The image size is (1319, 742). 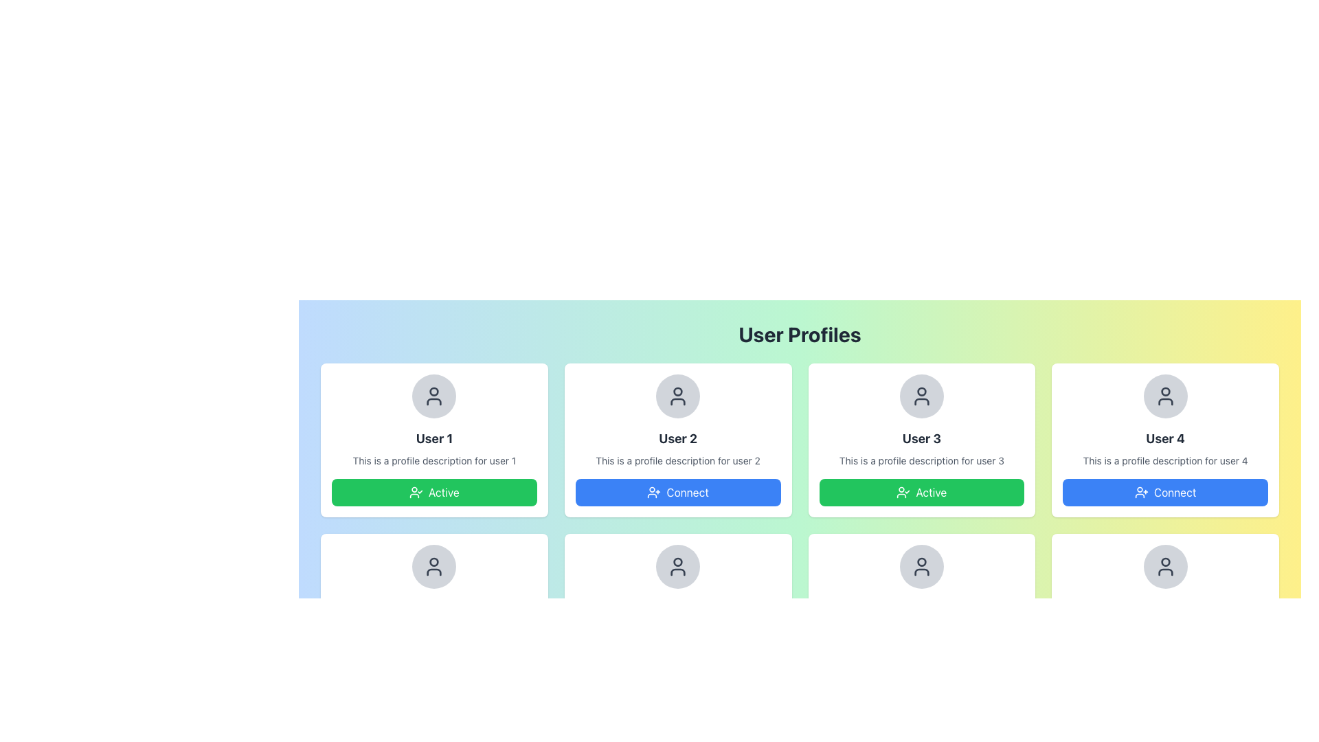 What do you see at coordinates (1164, 392) in the screenshot?
I see `the user identity icon located in the upper portion of the 'User 4' card, which visually indicates the user's status` at bounding box center [1164, 392].